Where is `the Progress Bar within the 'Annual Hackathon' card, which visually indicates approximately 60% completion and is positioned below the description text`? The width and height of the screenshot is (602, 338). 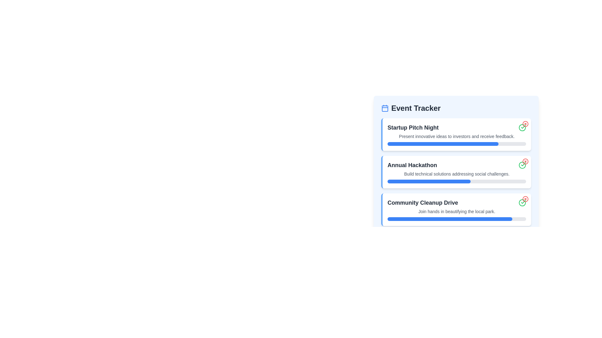
the Progress Bar within the 'Annual Hackathon' card, which visually indicates approximately 60% completion and is positioned below the description text is located at coordinates (457, 181).